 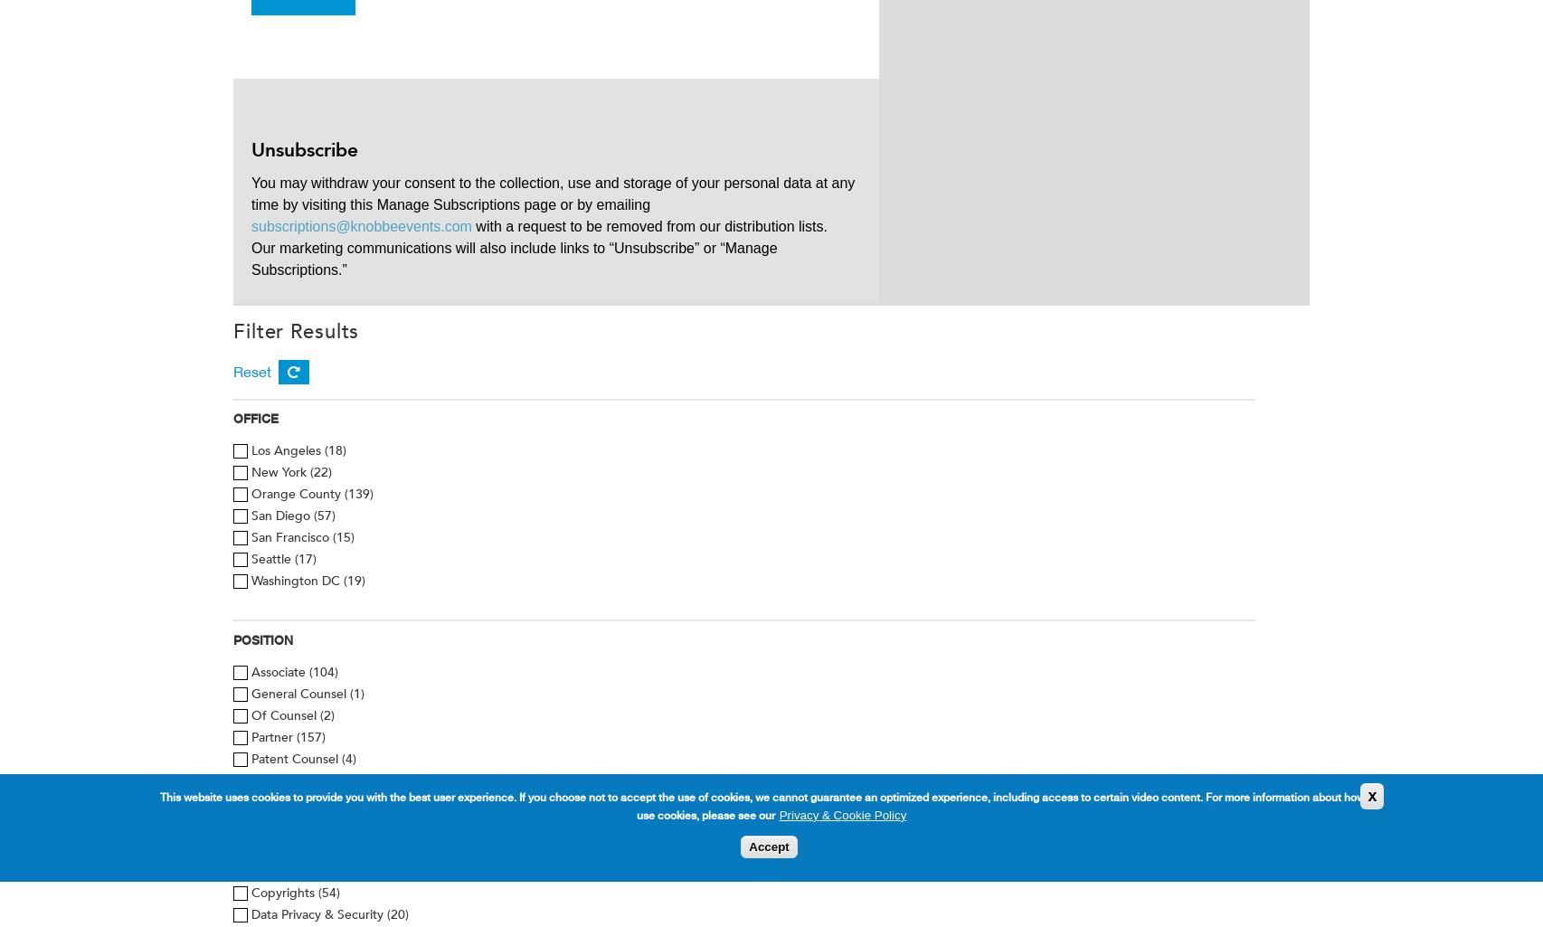 I want to click on 'Data Privacy & Security', so click(x=318, y=913).